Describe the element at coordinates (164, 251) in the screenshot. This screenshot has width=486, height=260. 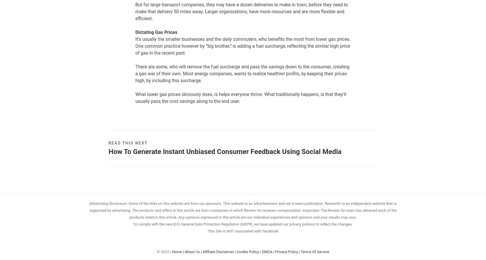
I see `'© 2023 |'` at that location.